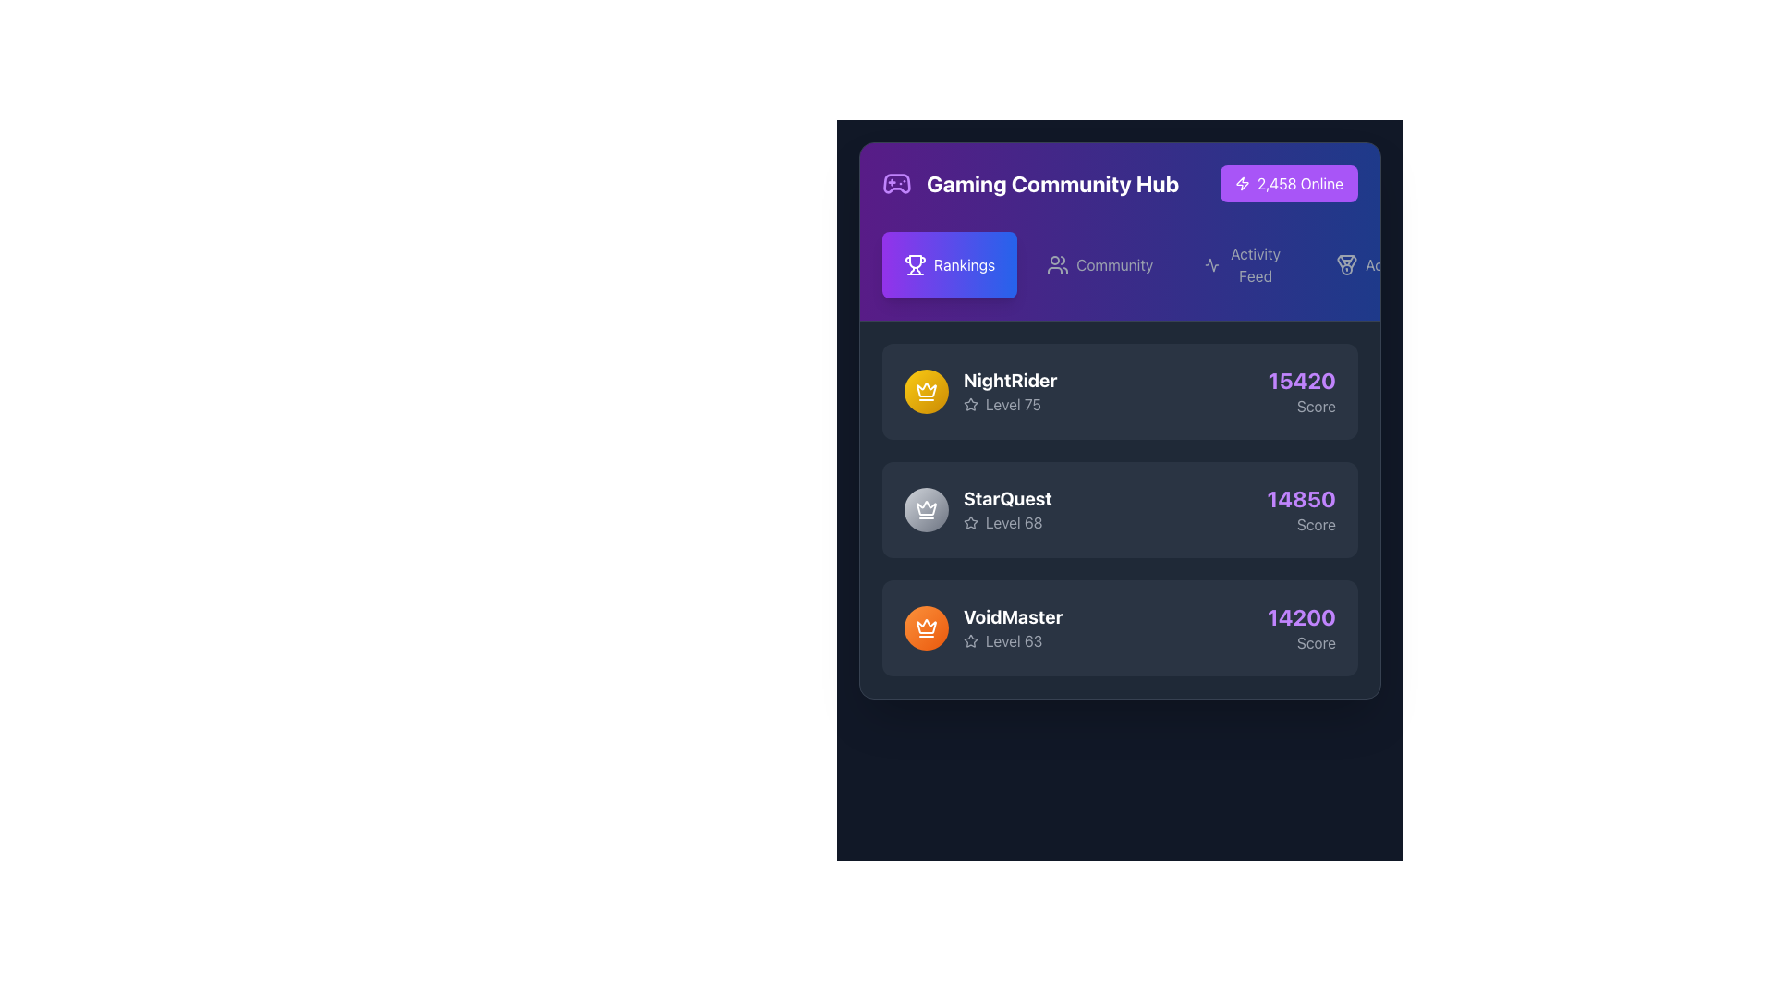 Image resolution: width=1774 pixels, height=998 pixels. Describe the element at coordinates (1009, 404) in the screenshot. I see `the labeled icon displaying 'Level 75' with a decorative star icon, located below the username 'NightRider' in the leaderboard layout` at that location.